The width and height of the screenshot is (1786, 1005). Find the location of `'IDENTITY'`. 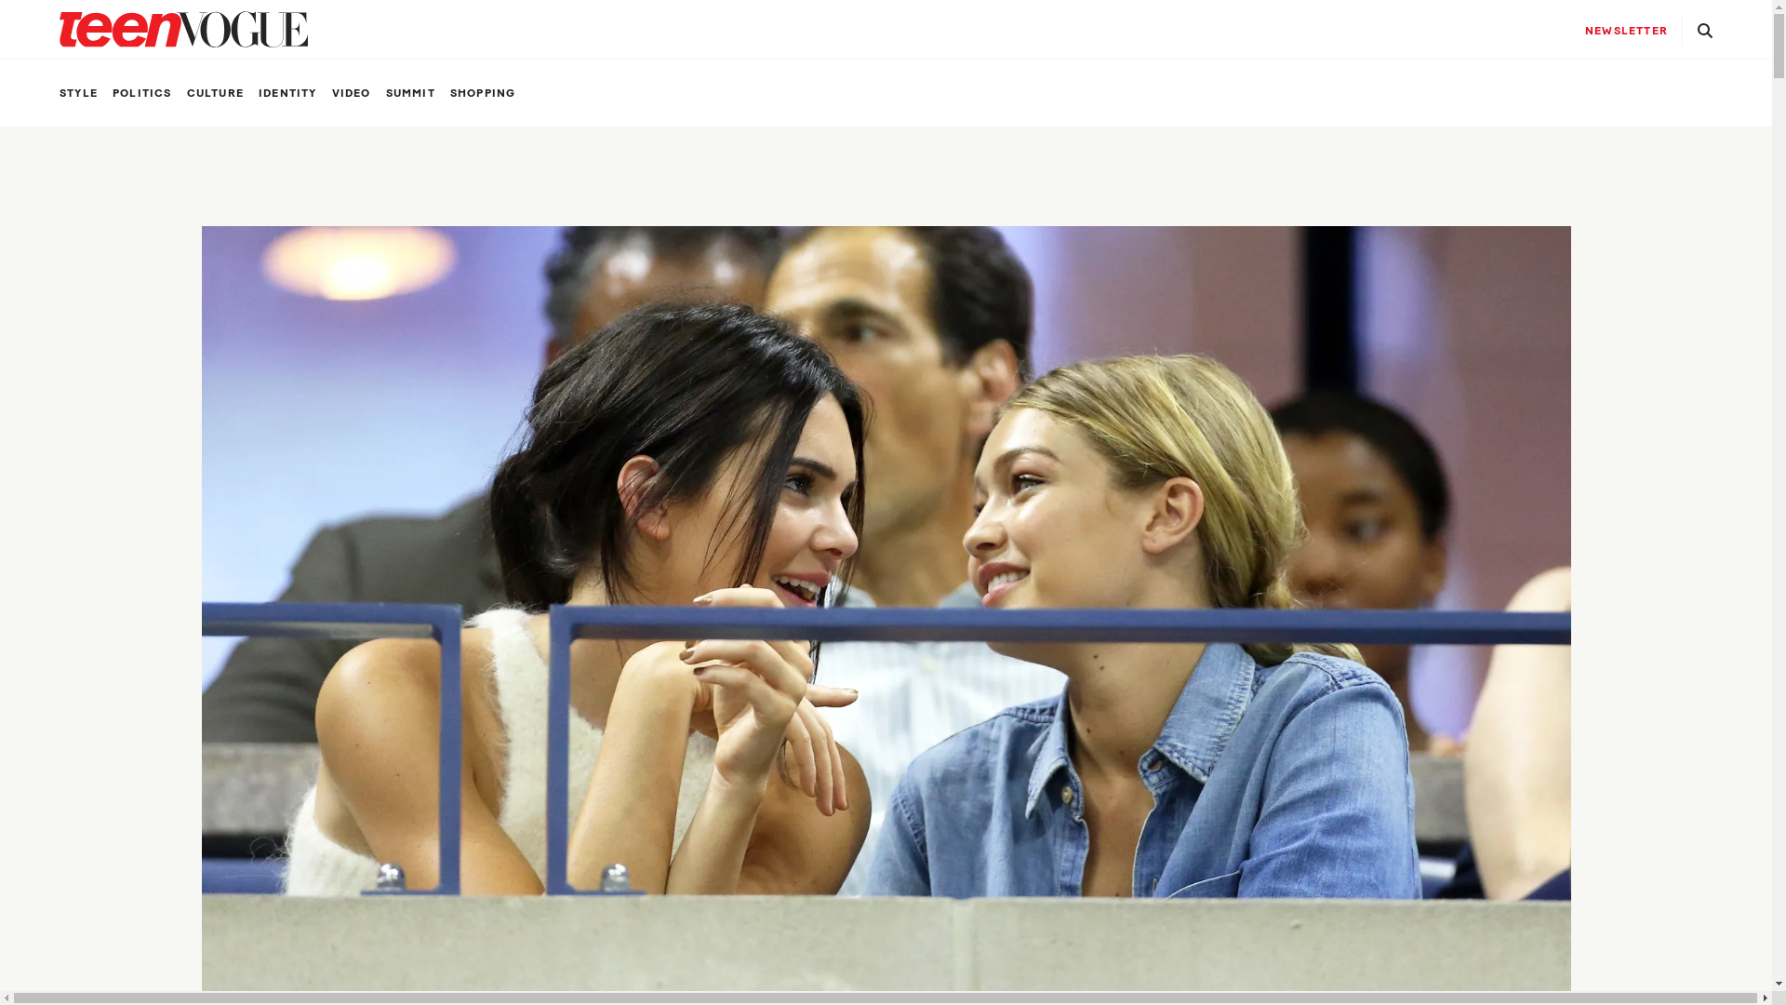

'IDENTITY' is located at coordinates (287, 93).